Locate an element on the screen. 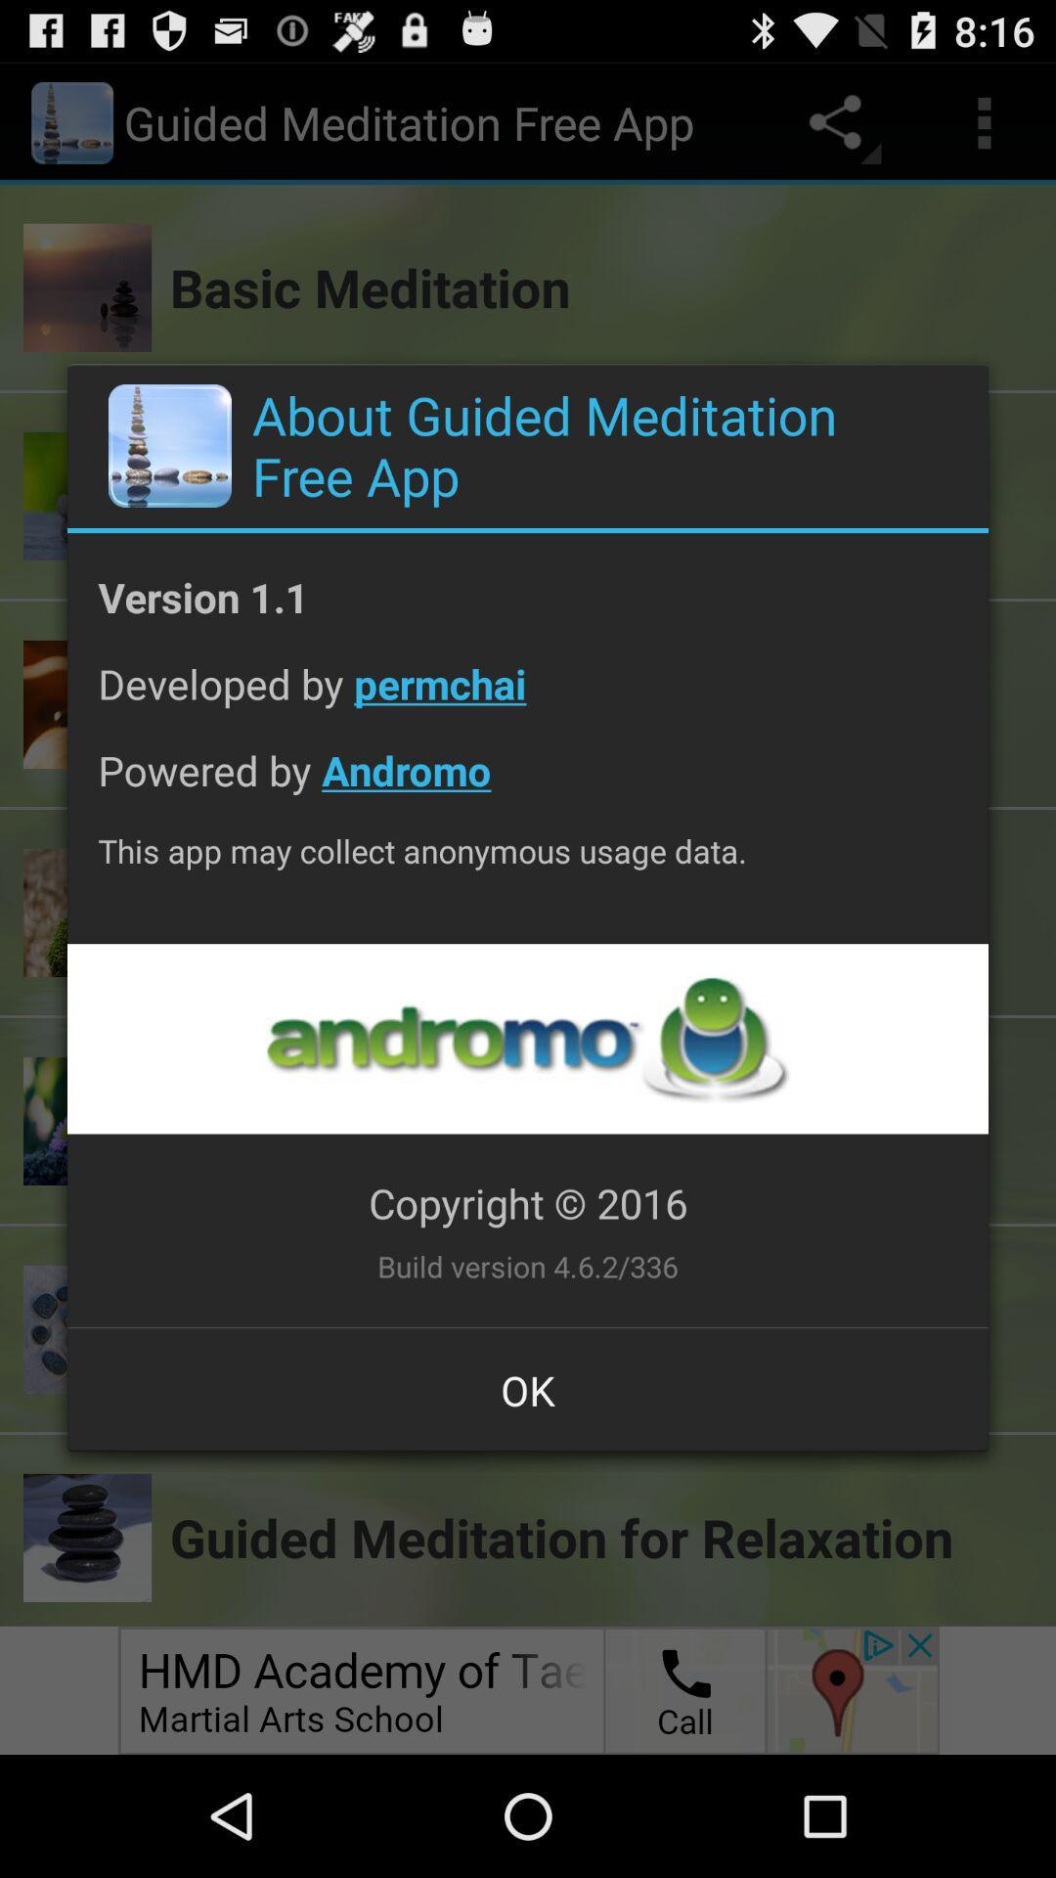 This screenshot has width=1056, height=1878. developed by permchai icon is located at coordinates (528, 698).